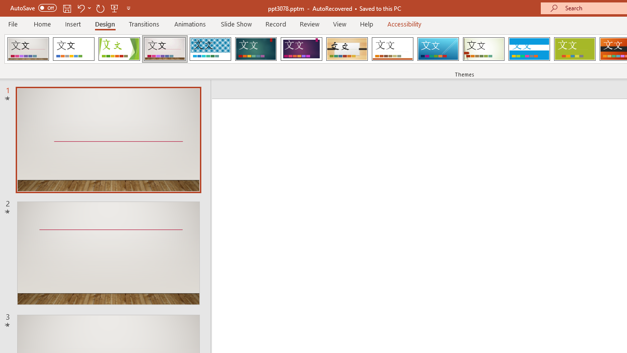 The image size is (627, 353). I want to click on 'Wisp', so click(483, 49).